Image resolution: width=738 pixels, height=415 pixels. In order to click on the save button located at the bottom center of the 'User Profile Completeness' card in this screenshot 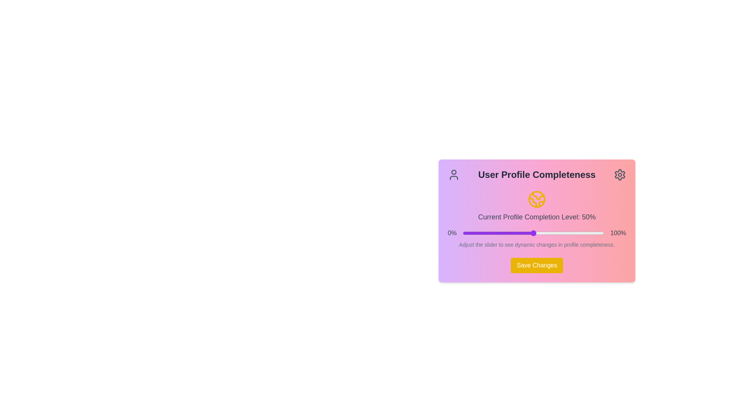, I will do `click(536, 265)`.